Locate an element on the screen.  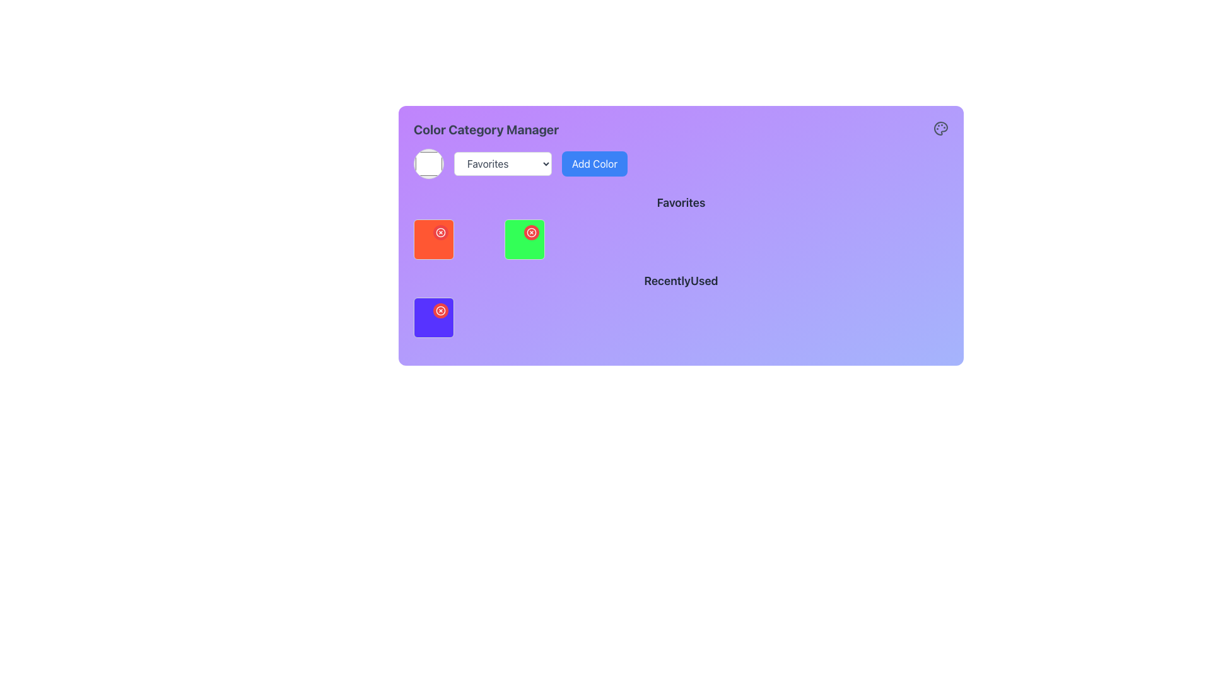
the red circular button with a white 'x' icon located at the top-right corner of the green rounded square tile in the second row of the grid is located at coordinates (524, 240).